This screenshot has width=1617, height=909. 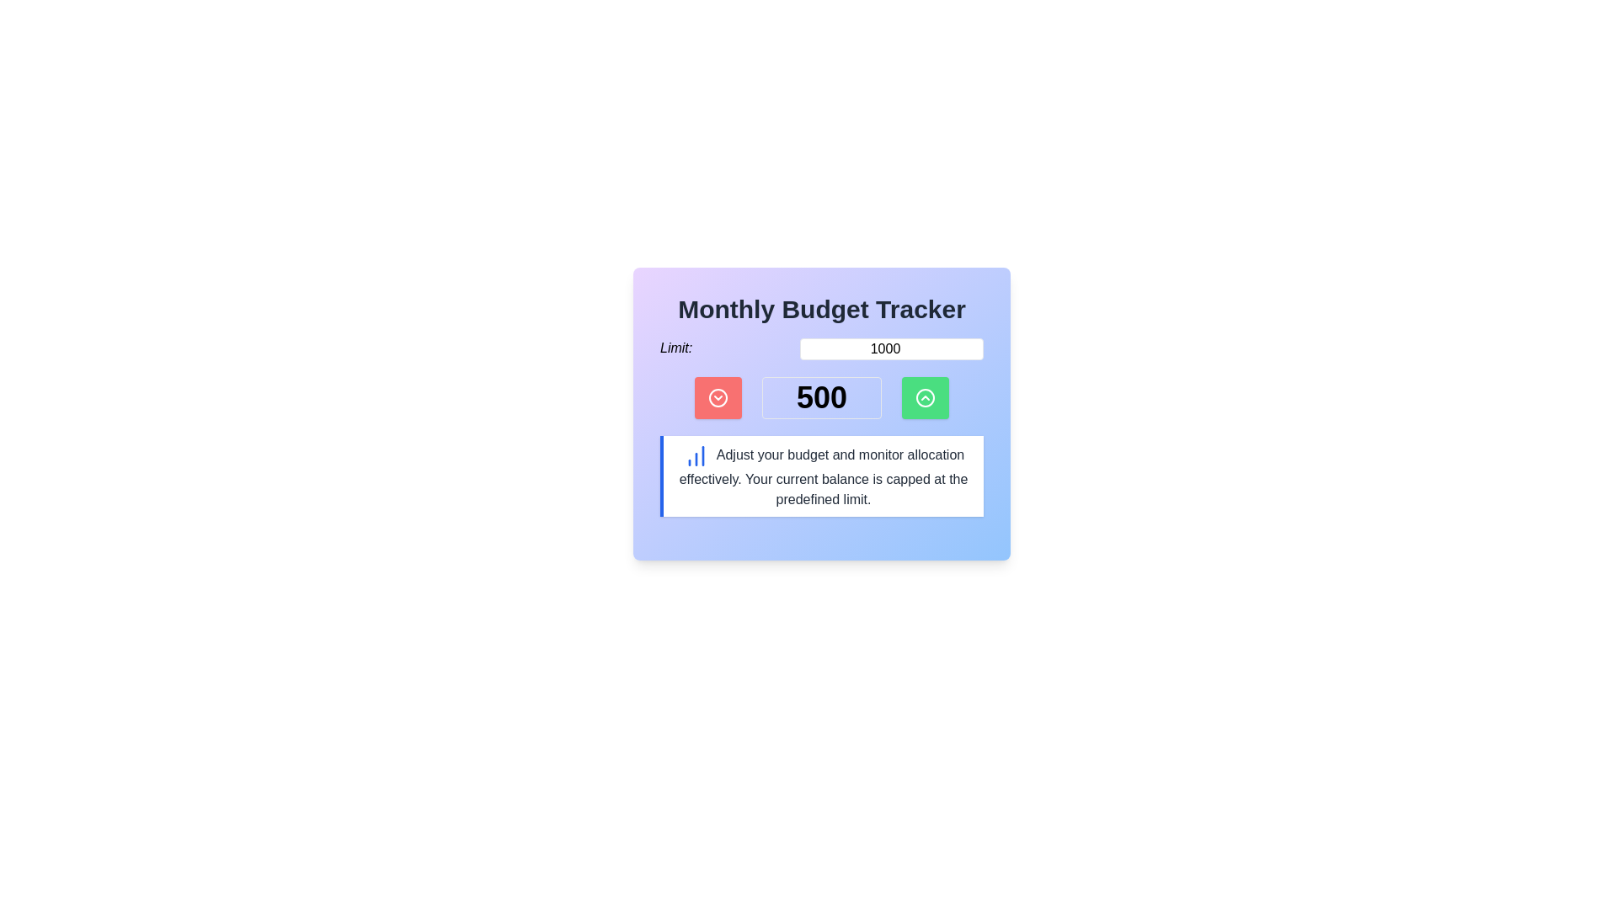 I want to click on the text paragraph that provides budget monitoring details, which is located under the 'Monthly Budget Tracker' title, so click(x=824, y=477).